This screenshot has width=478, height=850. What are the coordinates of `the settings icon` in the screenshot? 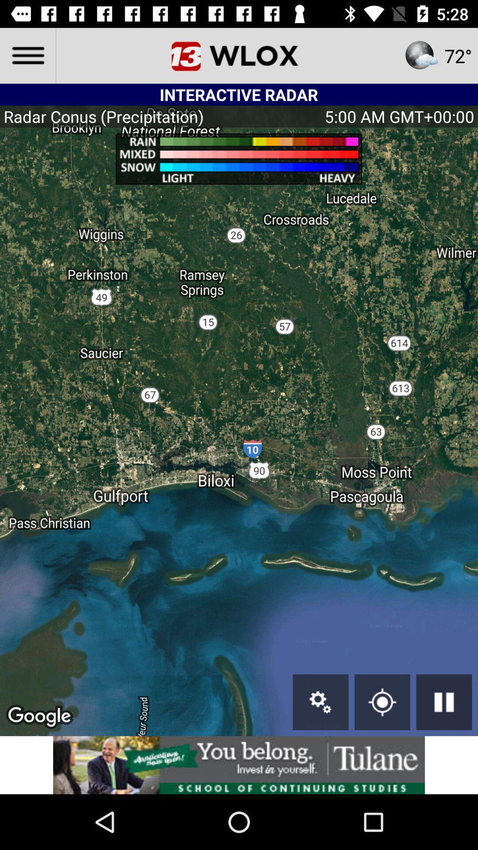 It's located at (320, 702).